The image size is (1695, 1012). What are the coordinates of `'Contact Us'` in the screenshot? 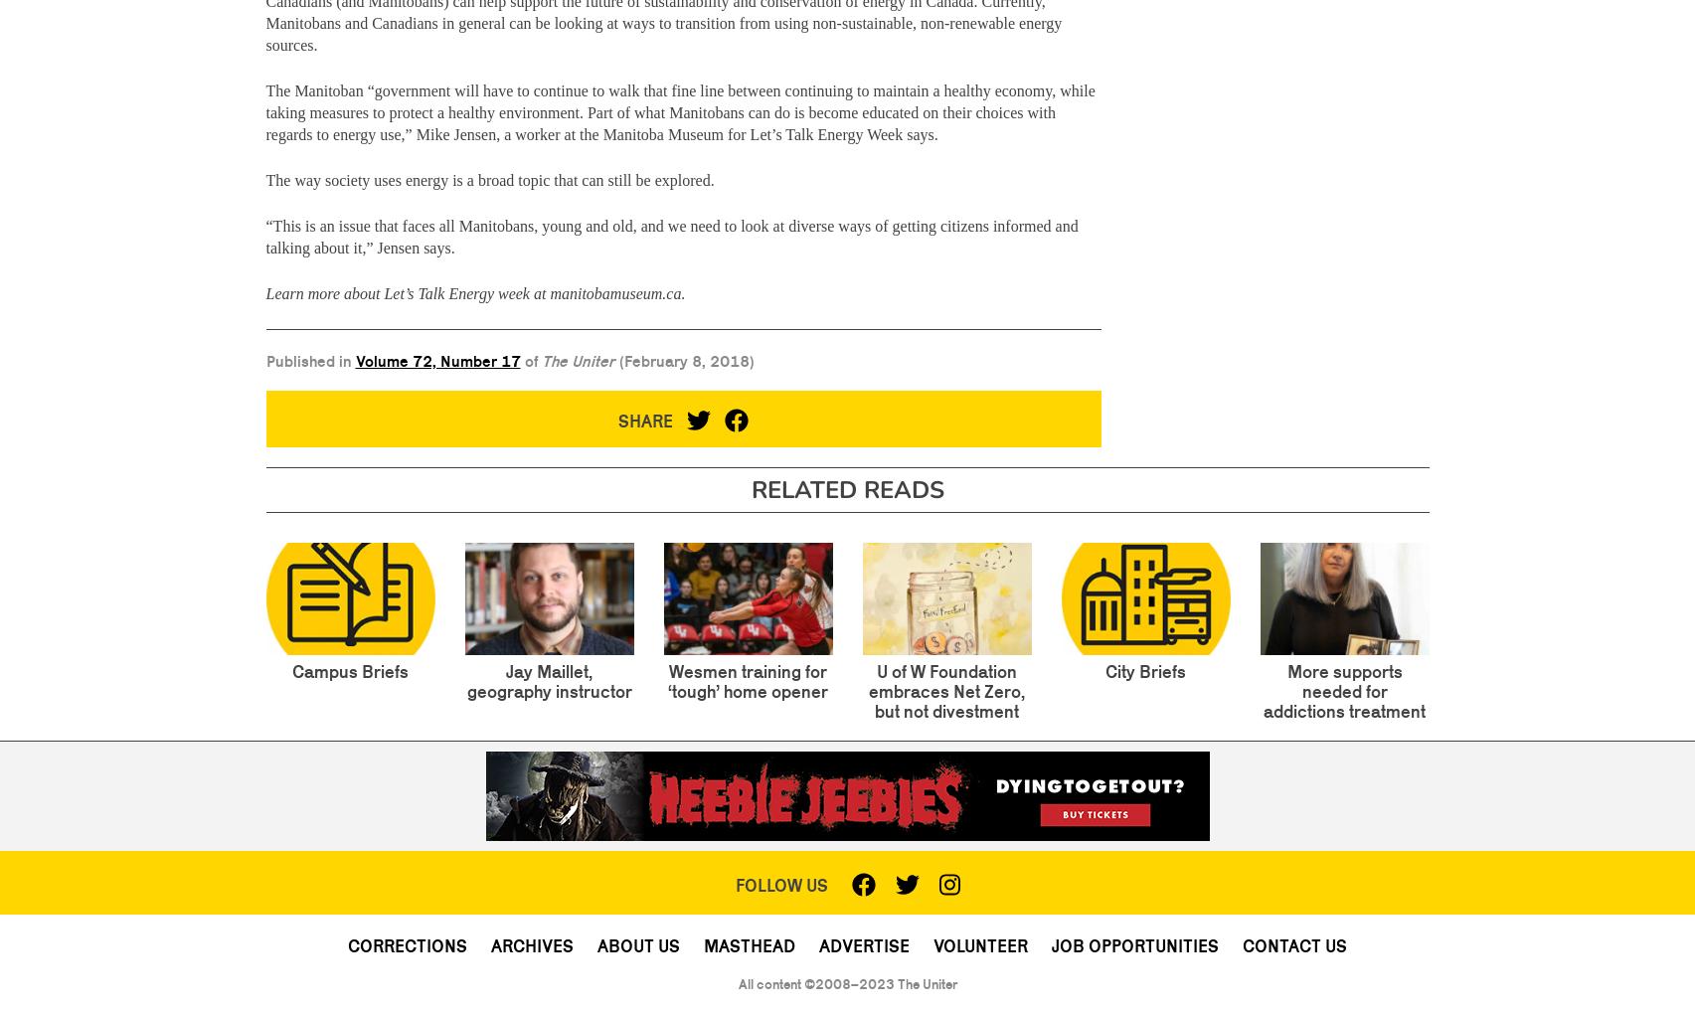 It's located at (1294, 943).